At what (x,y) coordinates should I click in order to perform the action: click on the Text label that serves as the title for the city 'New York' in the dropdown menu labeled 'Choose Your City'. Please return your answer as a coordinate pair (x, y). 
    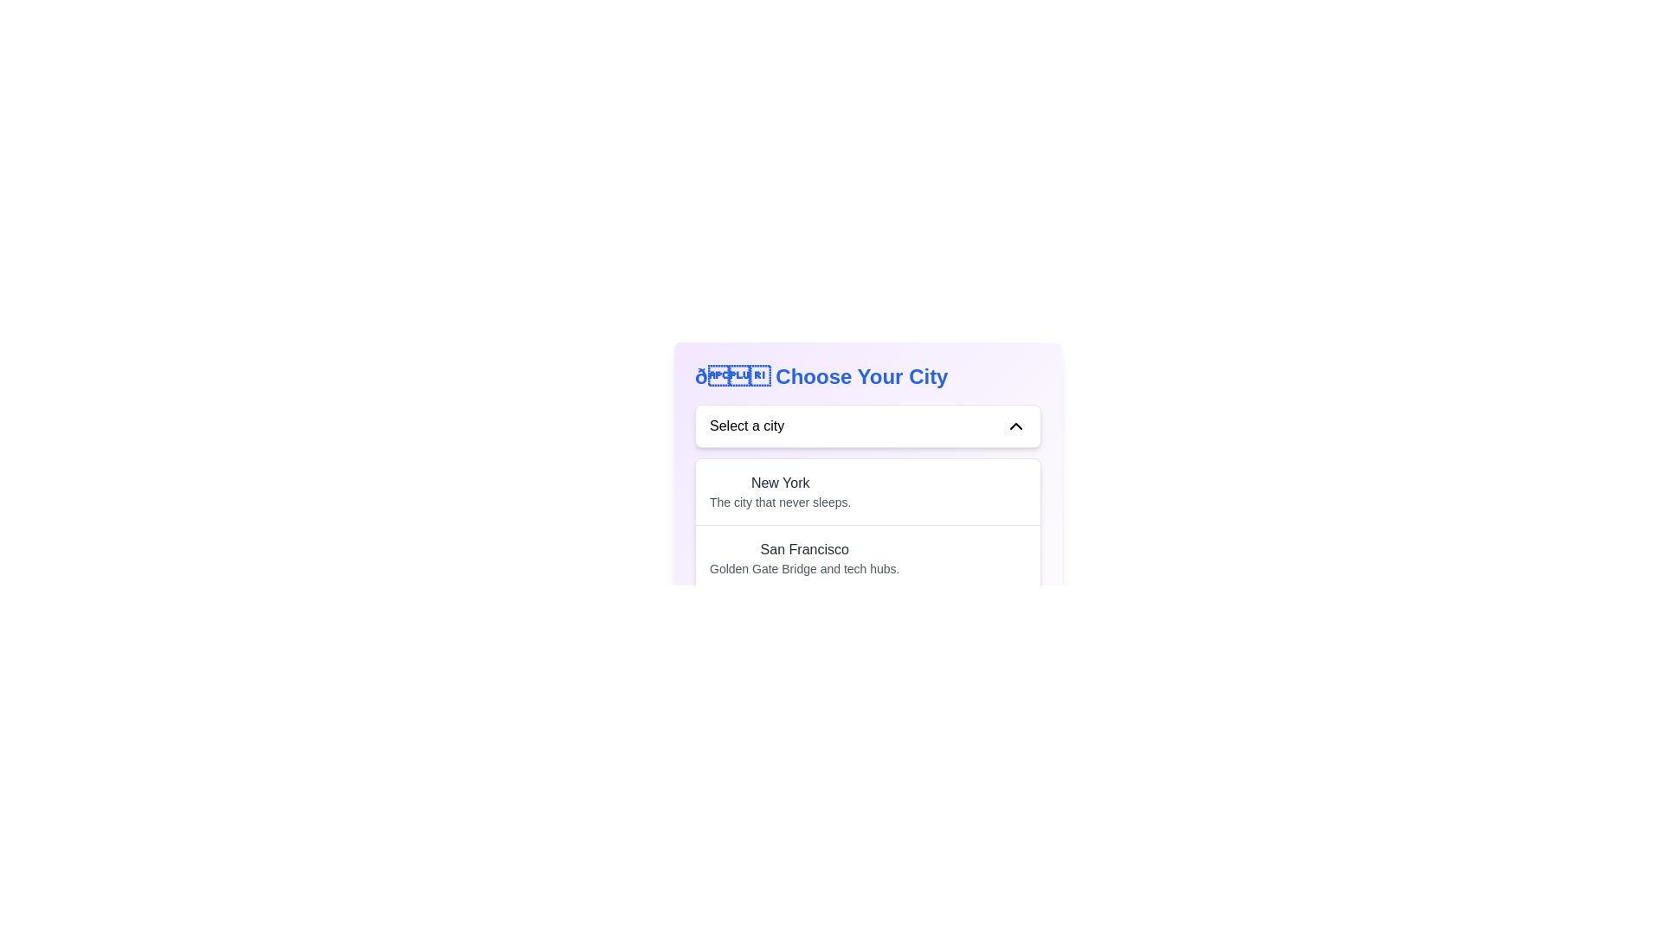
    Looking at the image, I should click on (779, 483).